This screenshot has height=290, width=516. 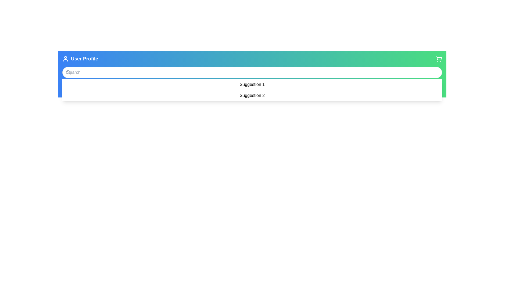 What do you see at coordinates (252, 95) in the screenshot?
I see `the text element labeled 'Suggestion 2' in the dropdown suggestion list` at bounding box center [252, 95].